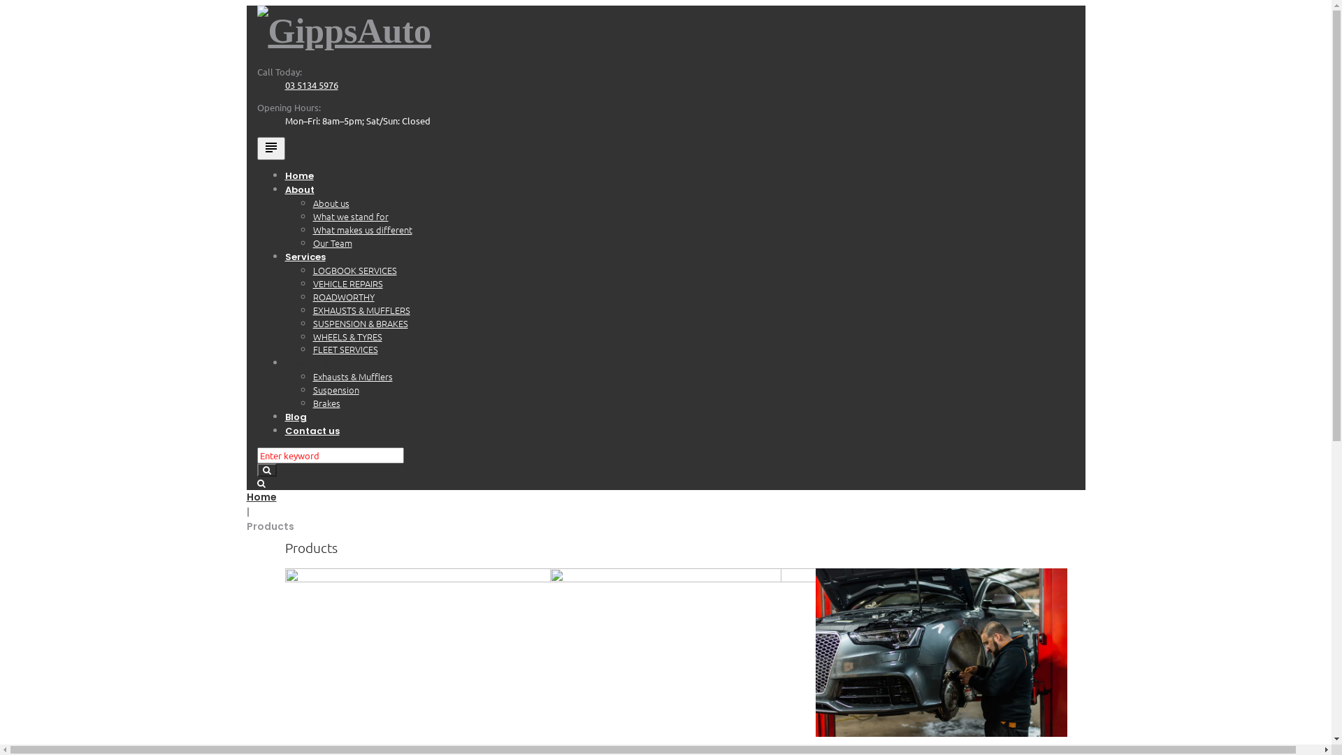  What do you see at coordinates (362, 229) in the screenshot?
I see `'What makes us different'` at bounding box center [362, 229].